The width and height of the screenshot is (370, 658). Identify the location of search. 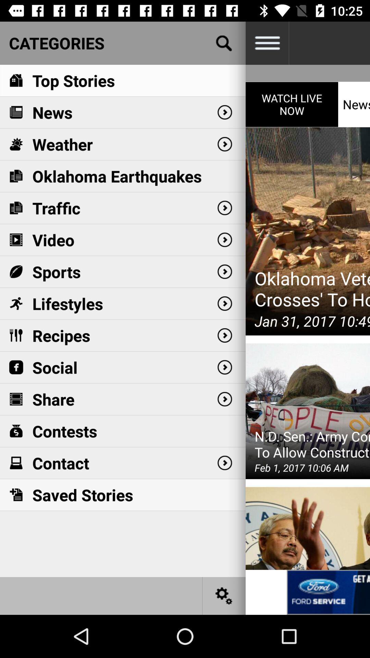
(224, 42).